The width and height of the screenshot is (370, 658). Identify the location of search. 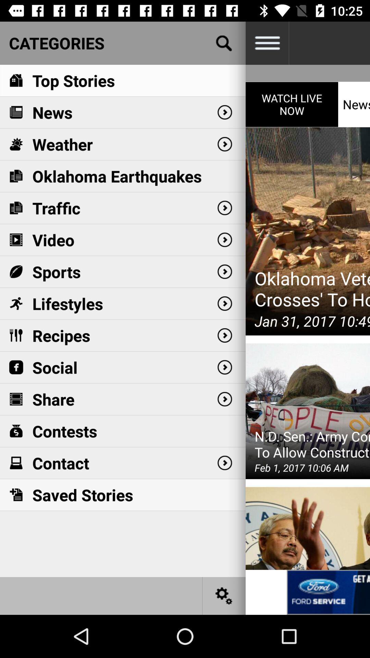
(224, 42).